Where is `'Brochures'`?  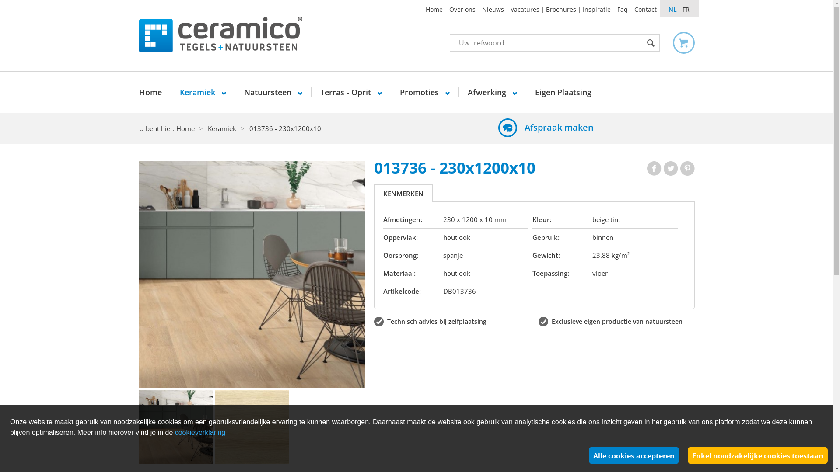
'Brochures' is located at coordinates (560, 9).